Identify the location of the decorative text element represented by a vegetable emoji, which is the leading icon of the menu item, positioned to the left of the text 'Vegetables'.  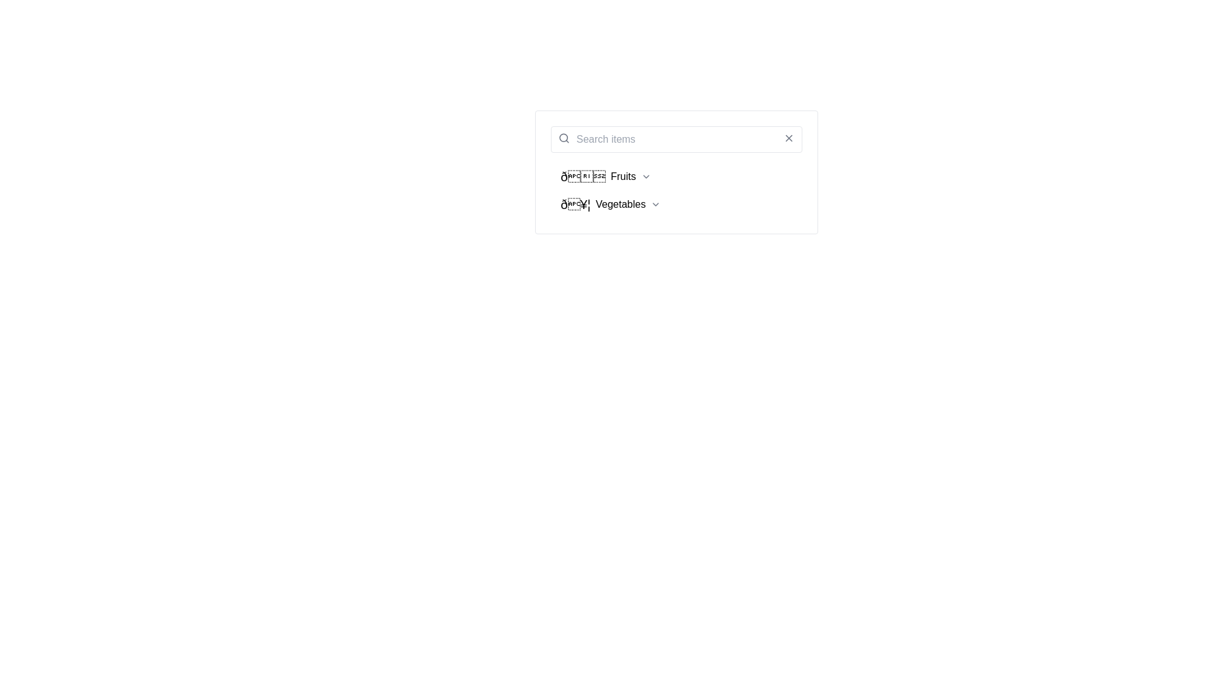
(575, 204).